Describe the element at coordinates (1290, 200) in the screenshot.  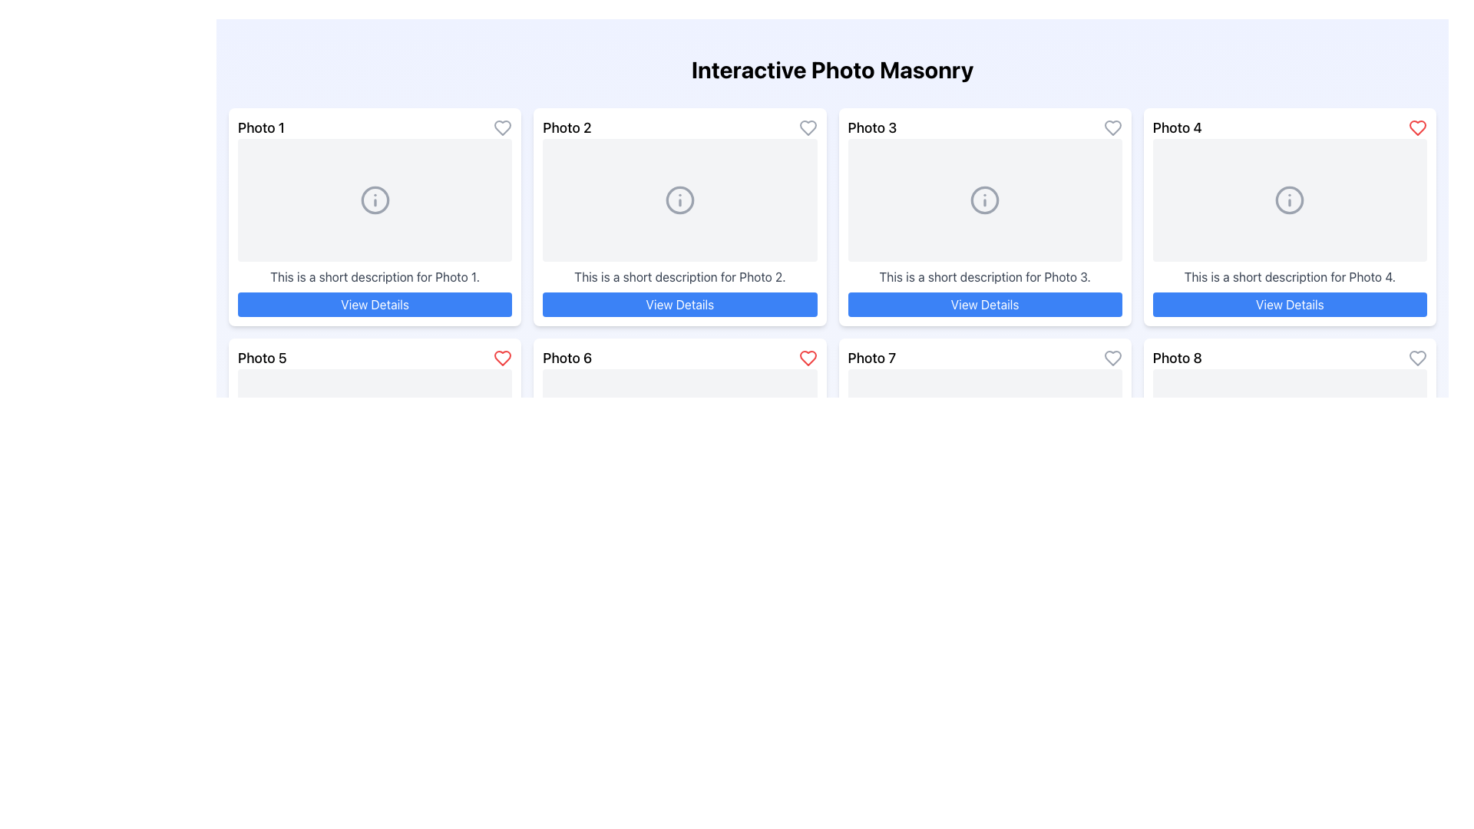
I see `the center of the circular information icon with a gray outline located in the 'Photo 4' card at the top-right segment of the layout` at that location.